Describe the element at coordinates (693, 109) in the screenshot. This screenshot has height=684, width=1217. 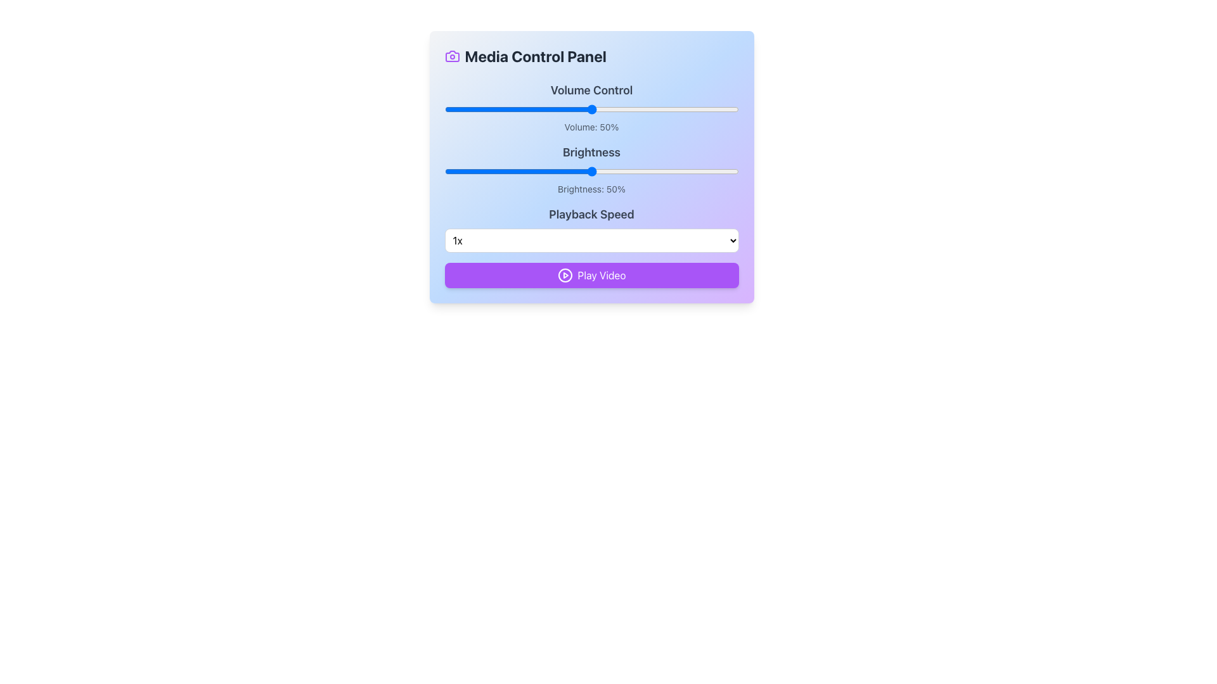
I see `volume` at that location.